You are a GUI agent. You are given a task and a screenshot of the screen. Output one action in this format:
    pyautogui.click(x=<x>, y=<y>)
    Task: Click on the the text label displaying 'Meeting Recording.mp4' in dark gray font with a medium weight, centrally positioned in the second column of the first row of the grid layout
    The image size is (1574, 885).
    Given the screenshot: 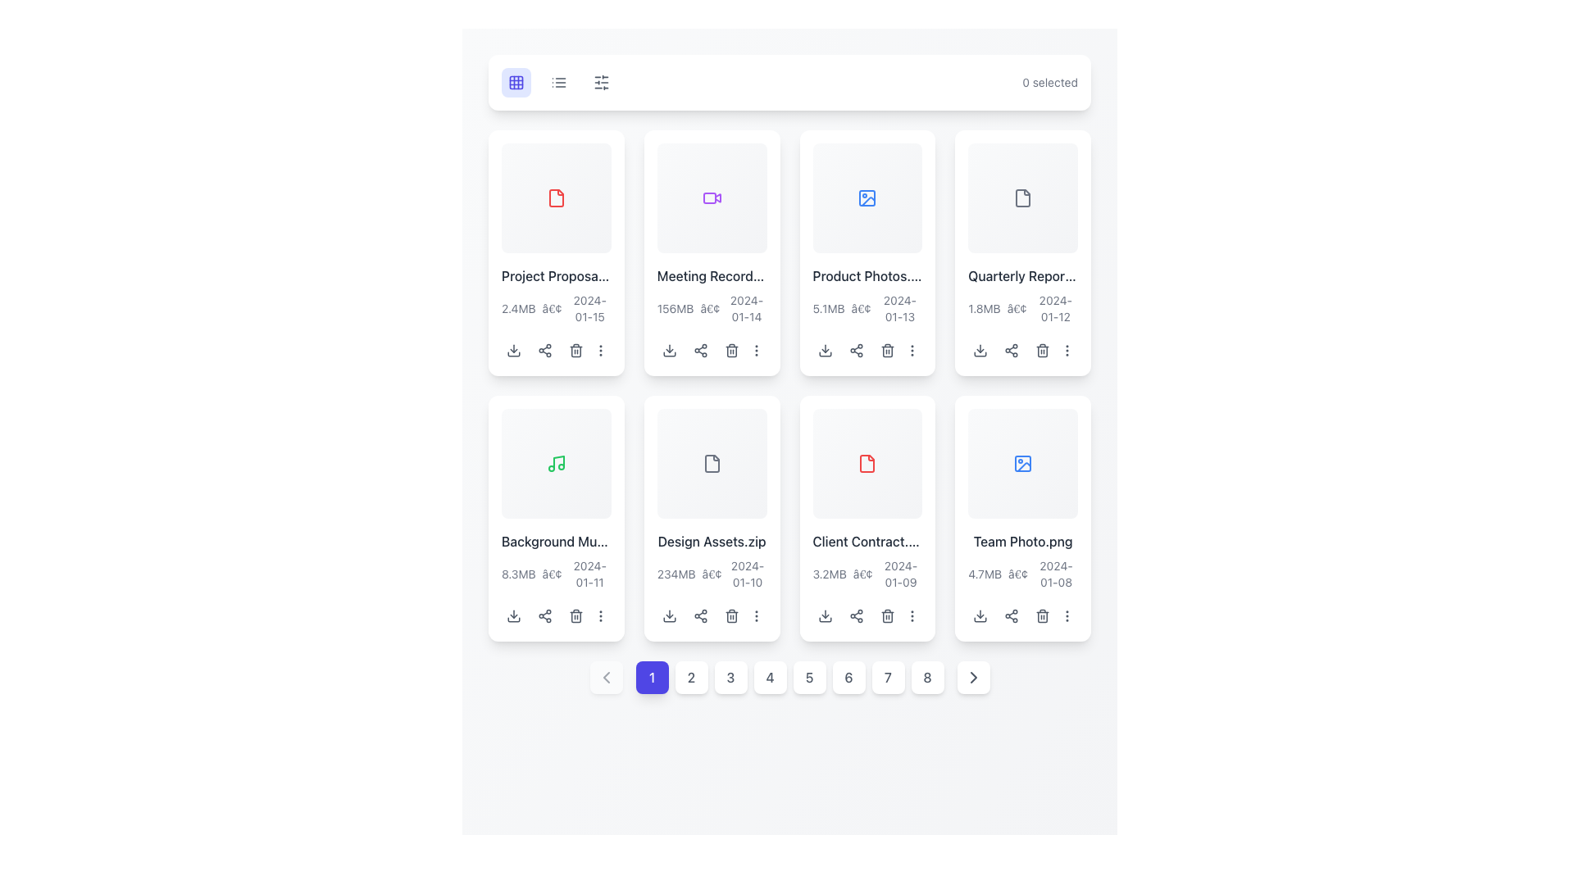 What is the action you would take?
    pyautogui.click(x=712, y=275)
    